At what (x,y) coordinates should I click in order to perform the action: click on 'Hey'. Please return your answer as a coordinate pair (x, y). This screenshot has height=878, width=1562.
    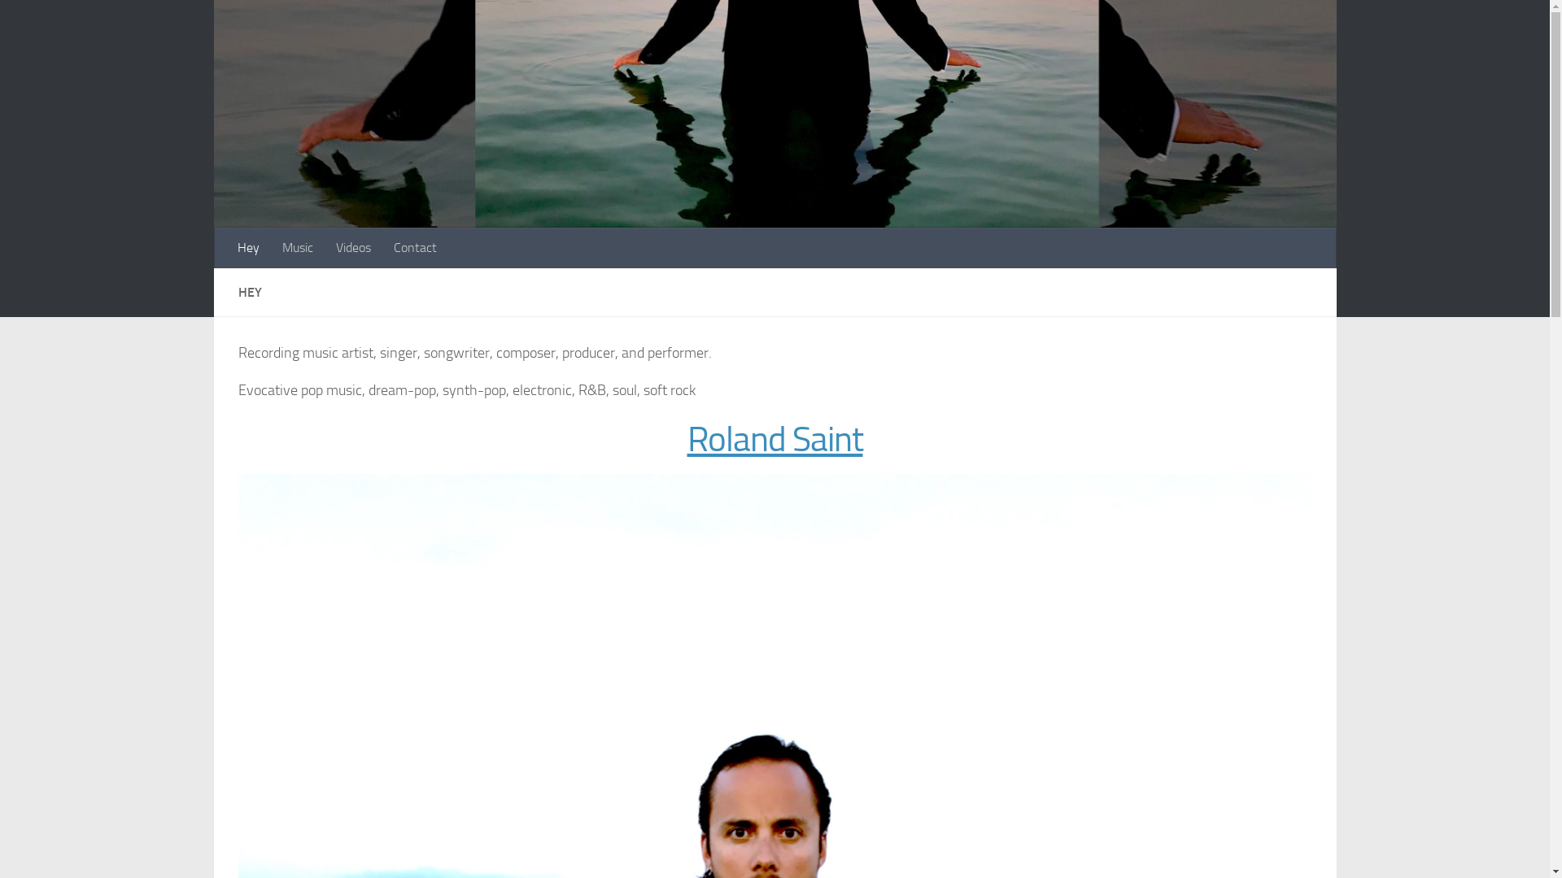
    Looking at the image, I should click on (247, 247).